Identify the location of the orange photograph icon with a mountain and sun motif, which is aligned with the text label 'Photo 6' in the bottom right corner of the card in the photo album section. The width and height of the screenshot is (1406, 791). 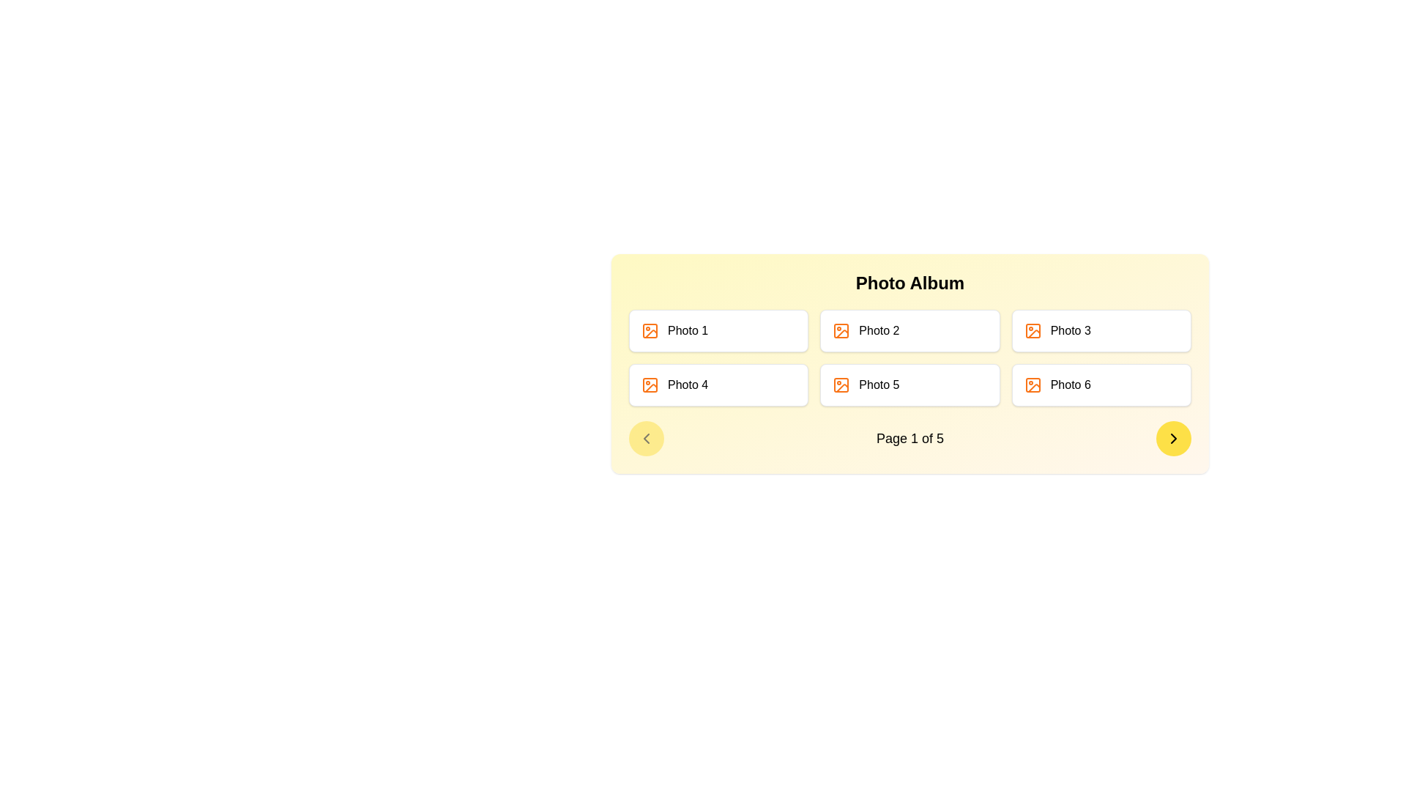
(1032, 384).